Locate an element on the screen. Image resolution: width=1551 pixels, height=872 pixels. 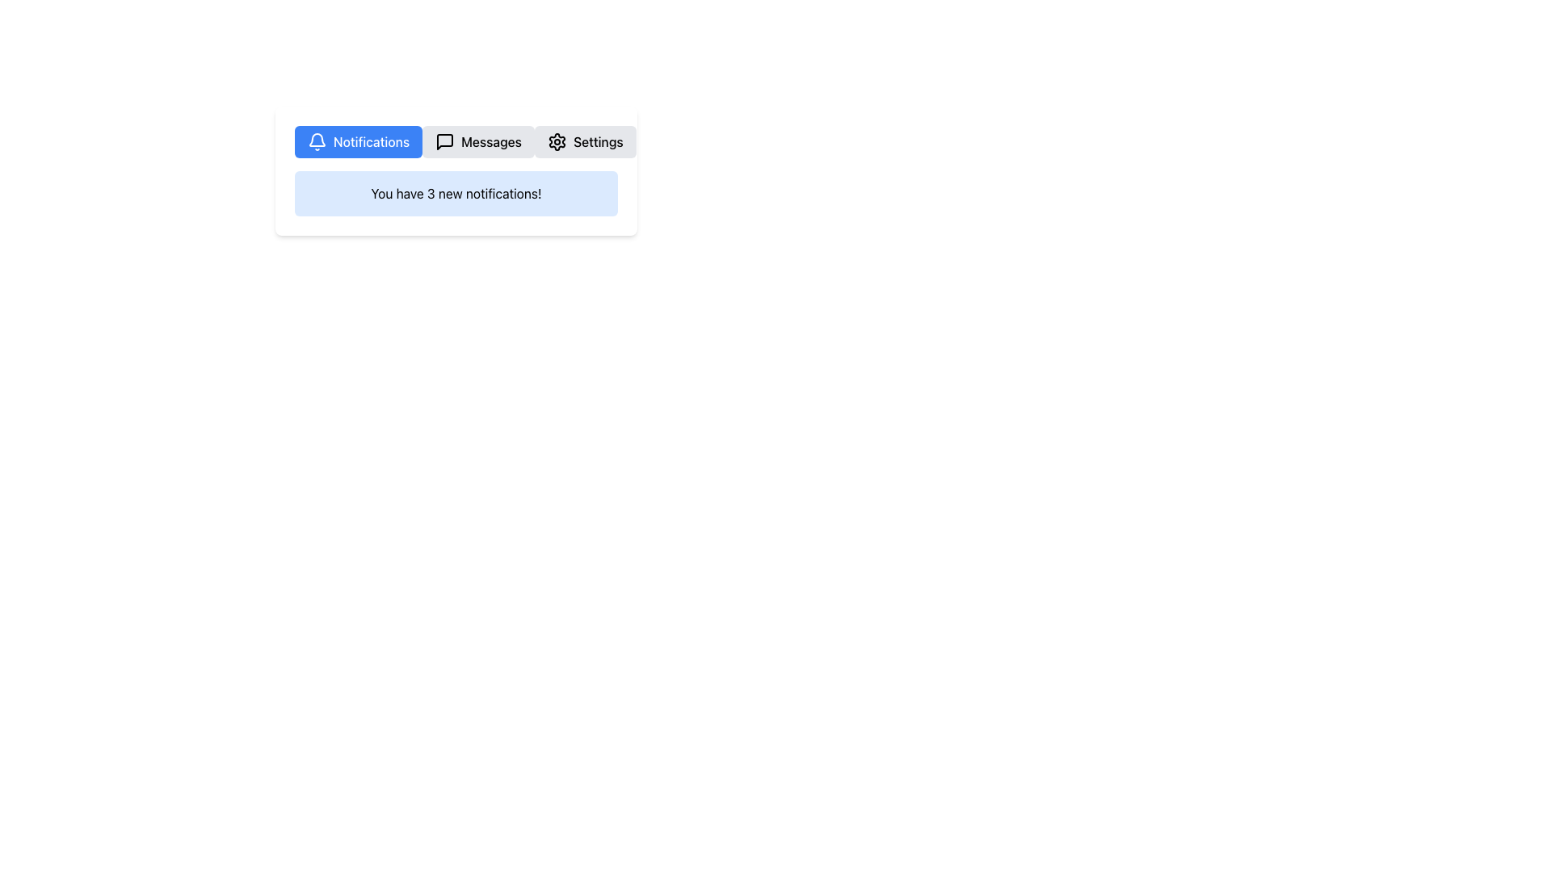
the static text label indicating the settings section in the top-right of the navigation area is located at coordinates (597, 141).